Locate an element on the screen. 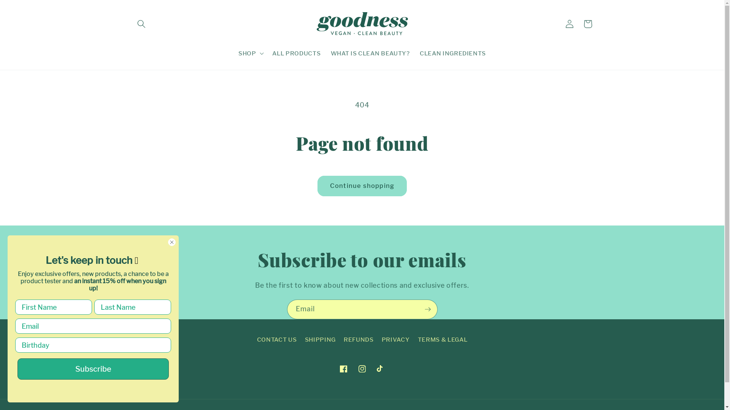 The image size is (730, 410). 'Submit' is located at coordinates (11, 4).